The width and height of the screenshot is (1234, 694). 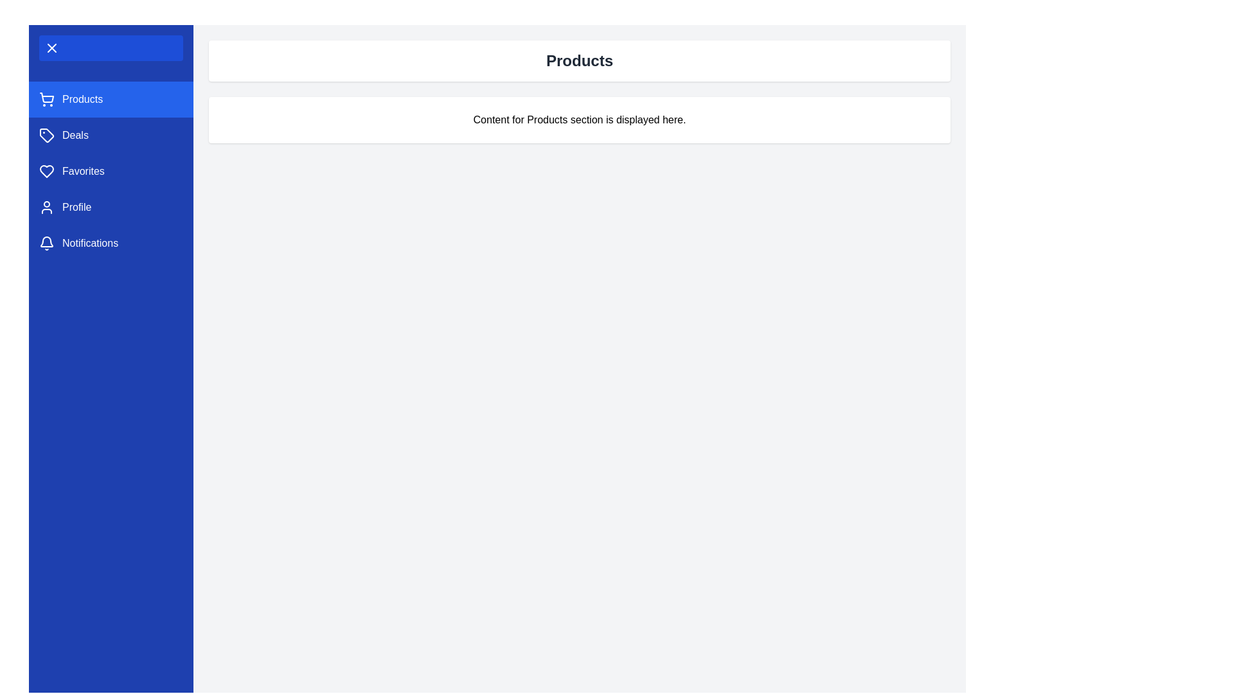 What do you see at coordinates (75, 136) in the screenshot?
I see `the 'Deals' text label in the vertical sidebar menu` at bounding box center [75, 136].